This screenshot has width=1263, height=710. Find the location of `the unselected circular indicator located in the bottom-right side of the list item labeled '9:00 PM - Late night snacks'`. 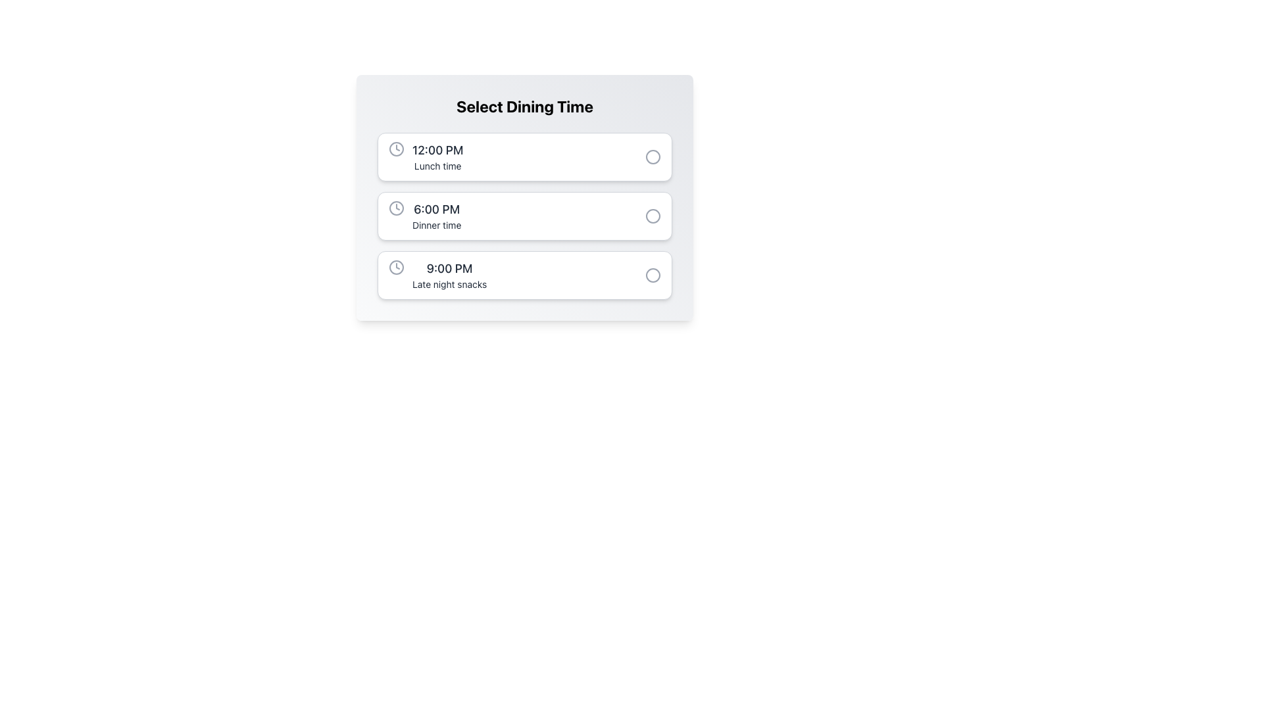

the unselected circular indicator located in the bottom-right side of the list item labeled '9:00 PM - Late night snacks' is located at coordinates (653, 275).